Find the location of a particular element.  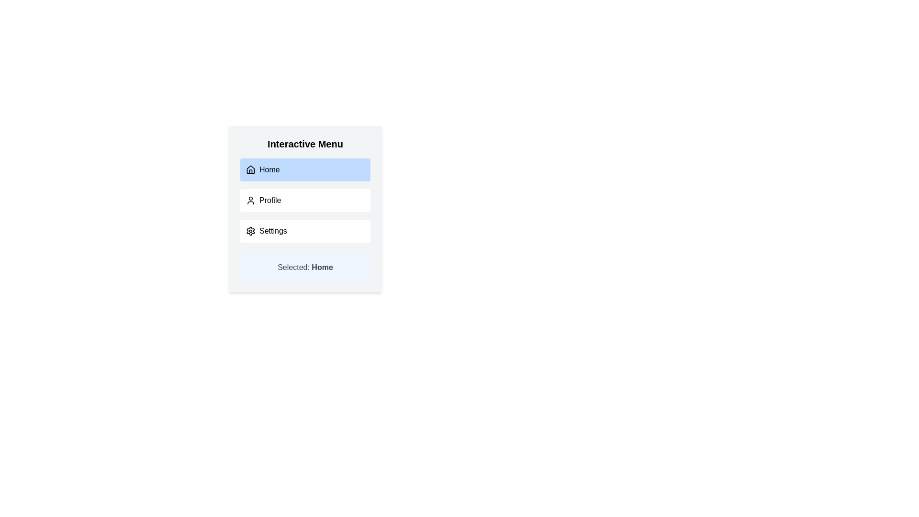

the cogwheel-shaped icon representing settings functionality is located at coordinates (250, 231).